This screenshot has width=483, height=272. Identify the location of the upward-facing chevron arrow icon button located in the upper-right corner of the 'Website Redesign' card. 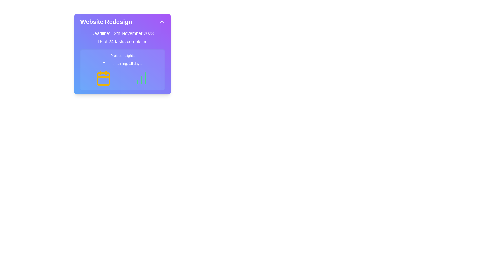
(162, 22).